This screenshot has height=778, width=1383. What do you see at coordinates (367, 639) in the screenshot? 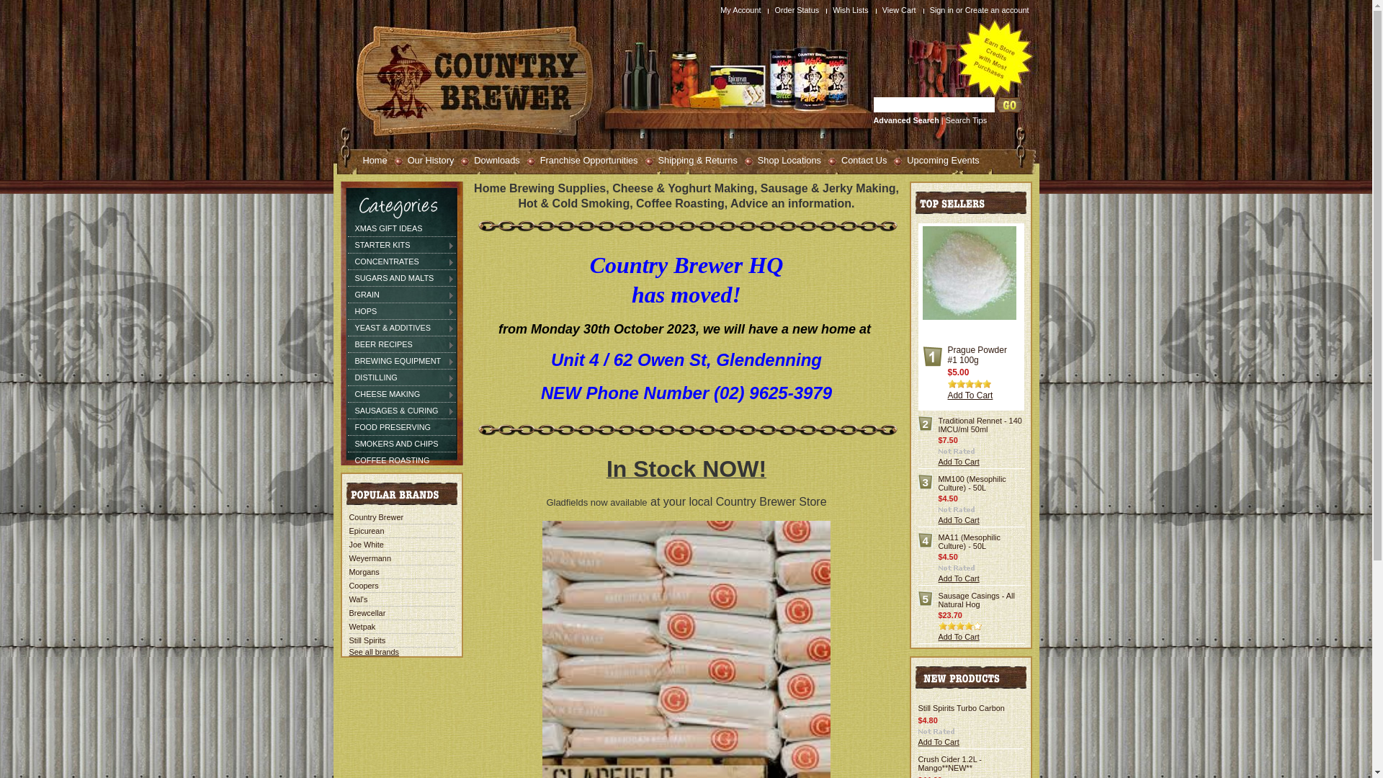
I see `'Still Spirits'` at bounding box center [367, 639].